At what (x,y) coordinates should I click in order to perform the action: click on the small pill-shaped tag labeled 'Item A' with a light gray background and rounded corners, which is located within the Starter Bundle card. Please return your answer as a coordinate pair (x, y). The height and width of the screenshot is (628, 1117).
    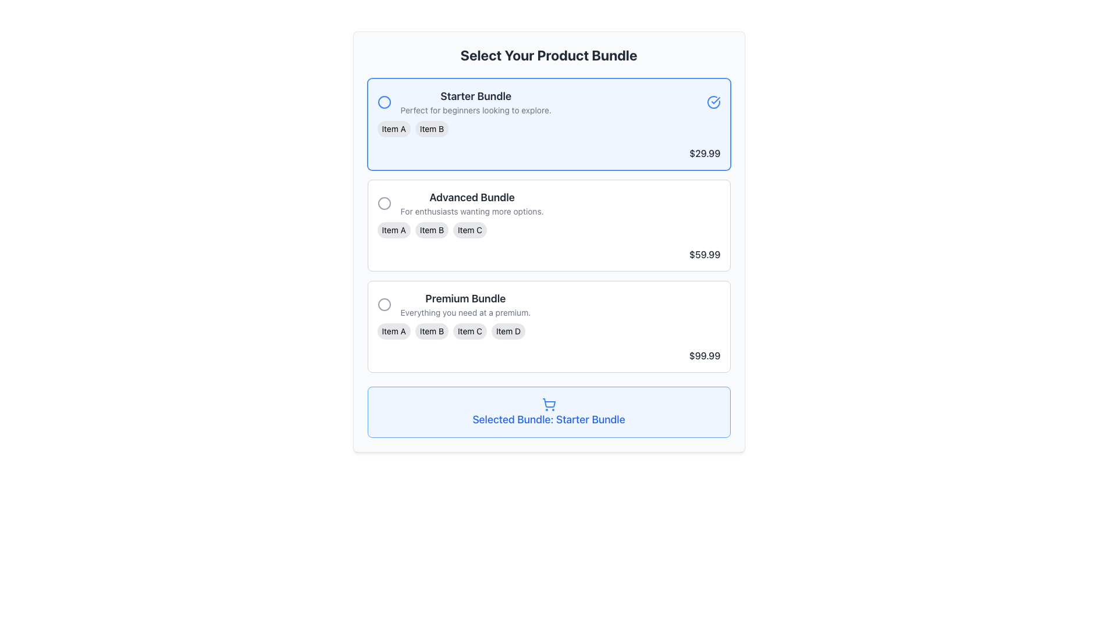
    Looking at the image, I should click on (394, 129).